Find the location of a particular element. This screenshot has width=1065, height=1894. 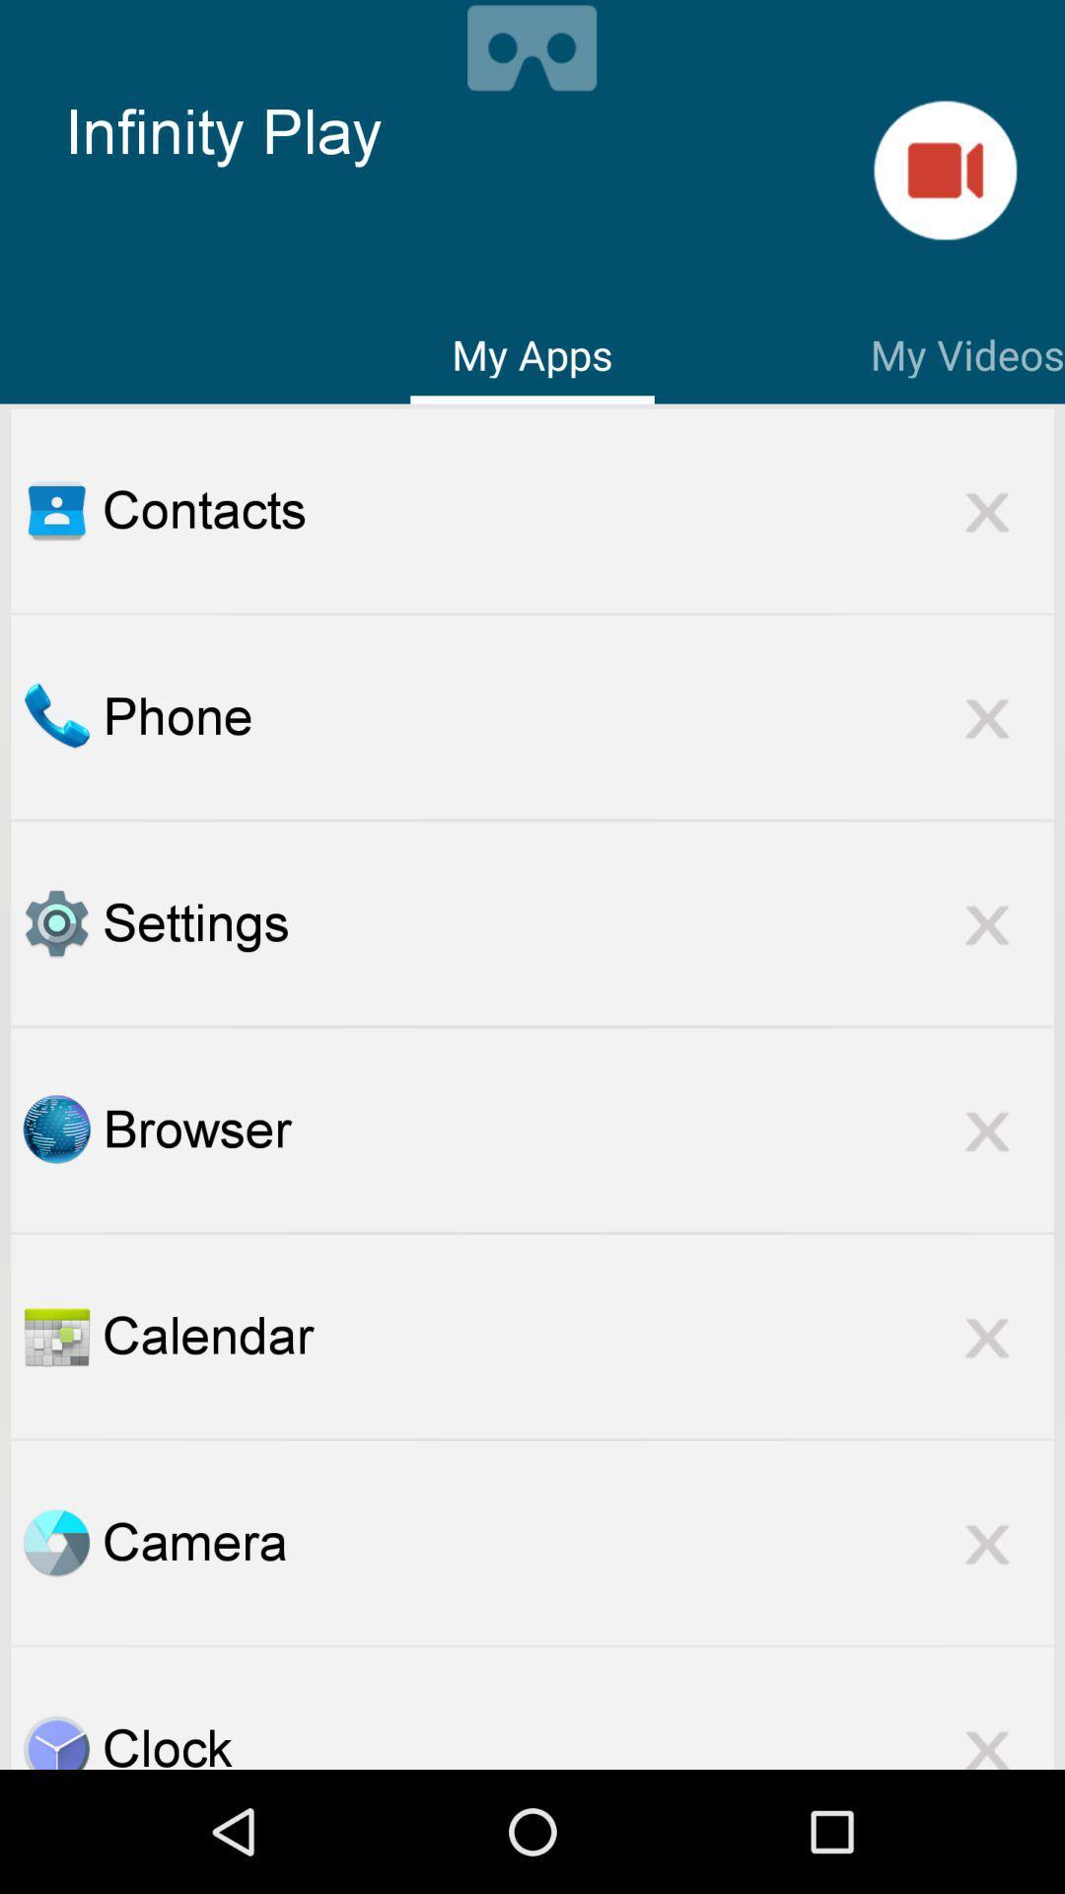

the calendar is located at coordinates (577, 1336).